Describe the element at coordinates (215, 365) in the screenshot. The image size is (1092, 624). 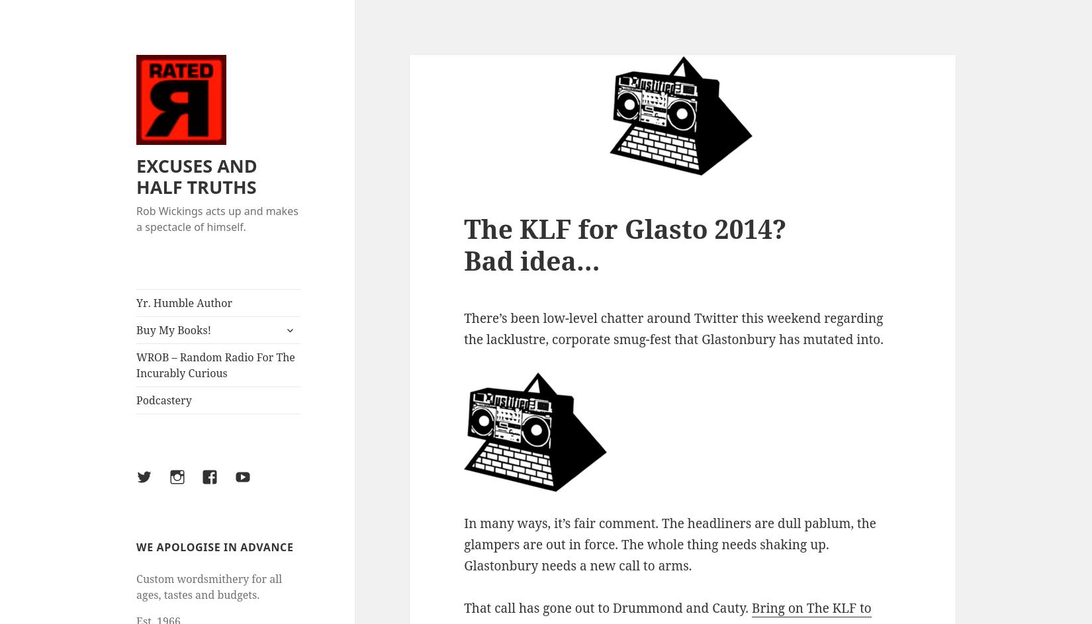
I see `'WROB – Random Radio For The Incurably Curious'` at that location.